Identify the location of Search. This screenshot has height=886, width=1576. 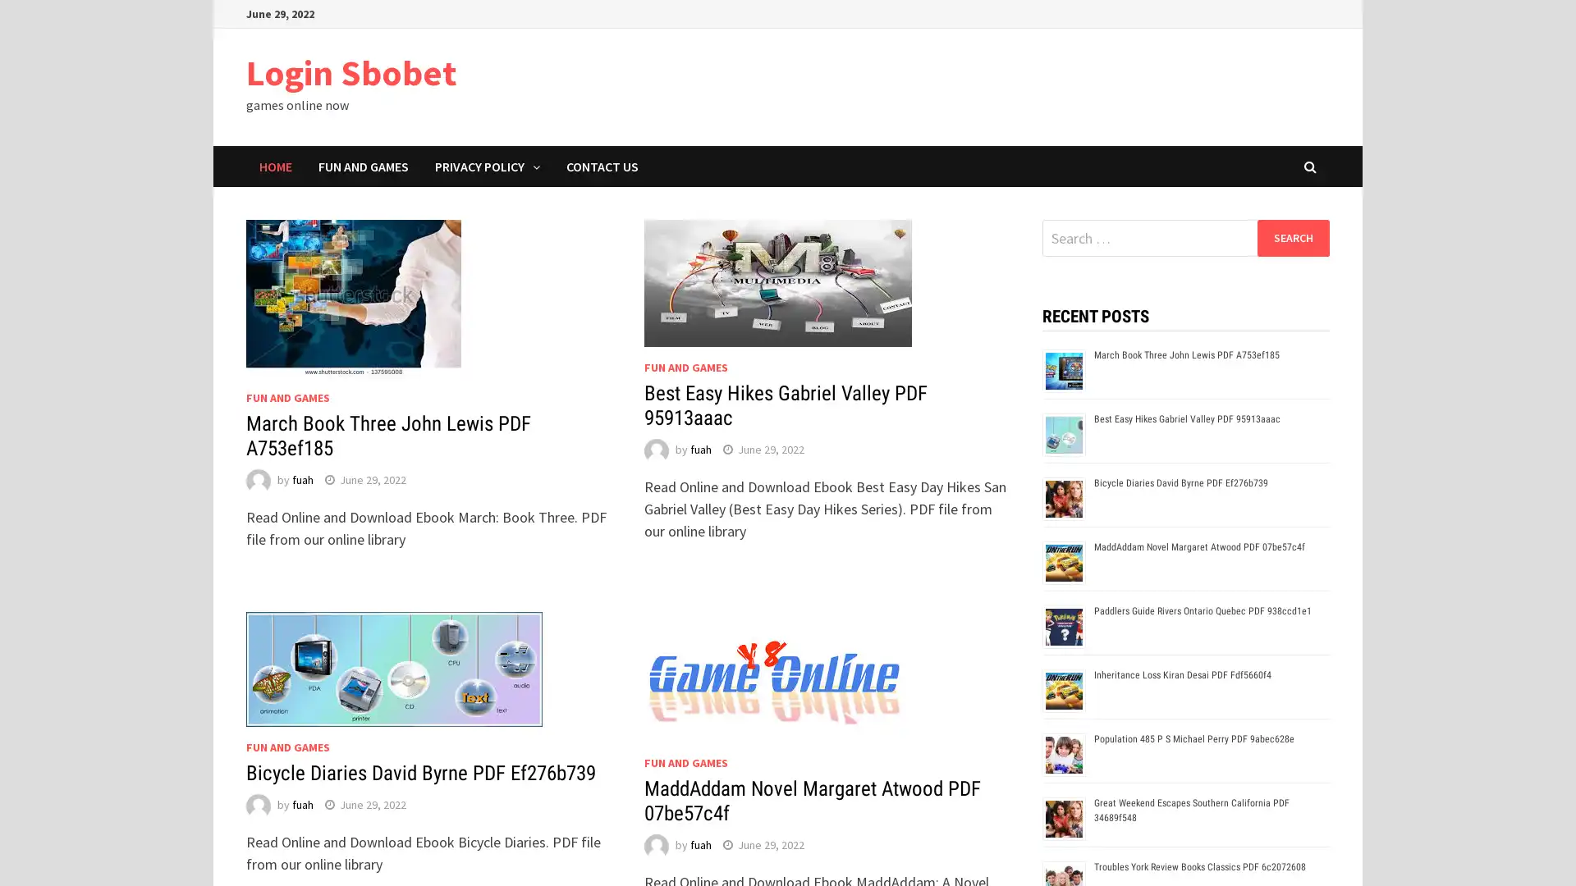
(1292, 237).